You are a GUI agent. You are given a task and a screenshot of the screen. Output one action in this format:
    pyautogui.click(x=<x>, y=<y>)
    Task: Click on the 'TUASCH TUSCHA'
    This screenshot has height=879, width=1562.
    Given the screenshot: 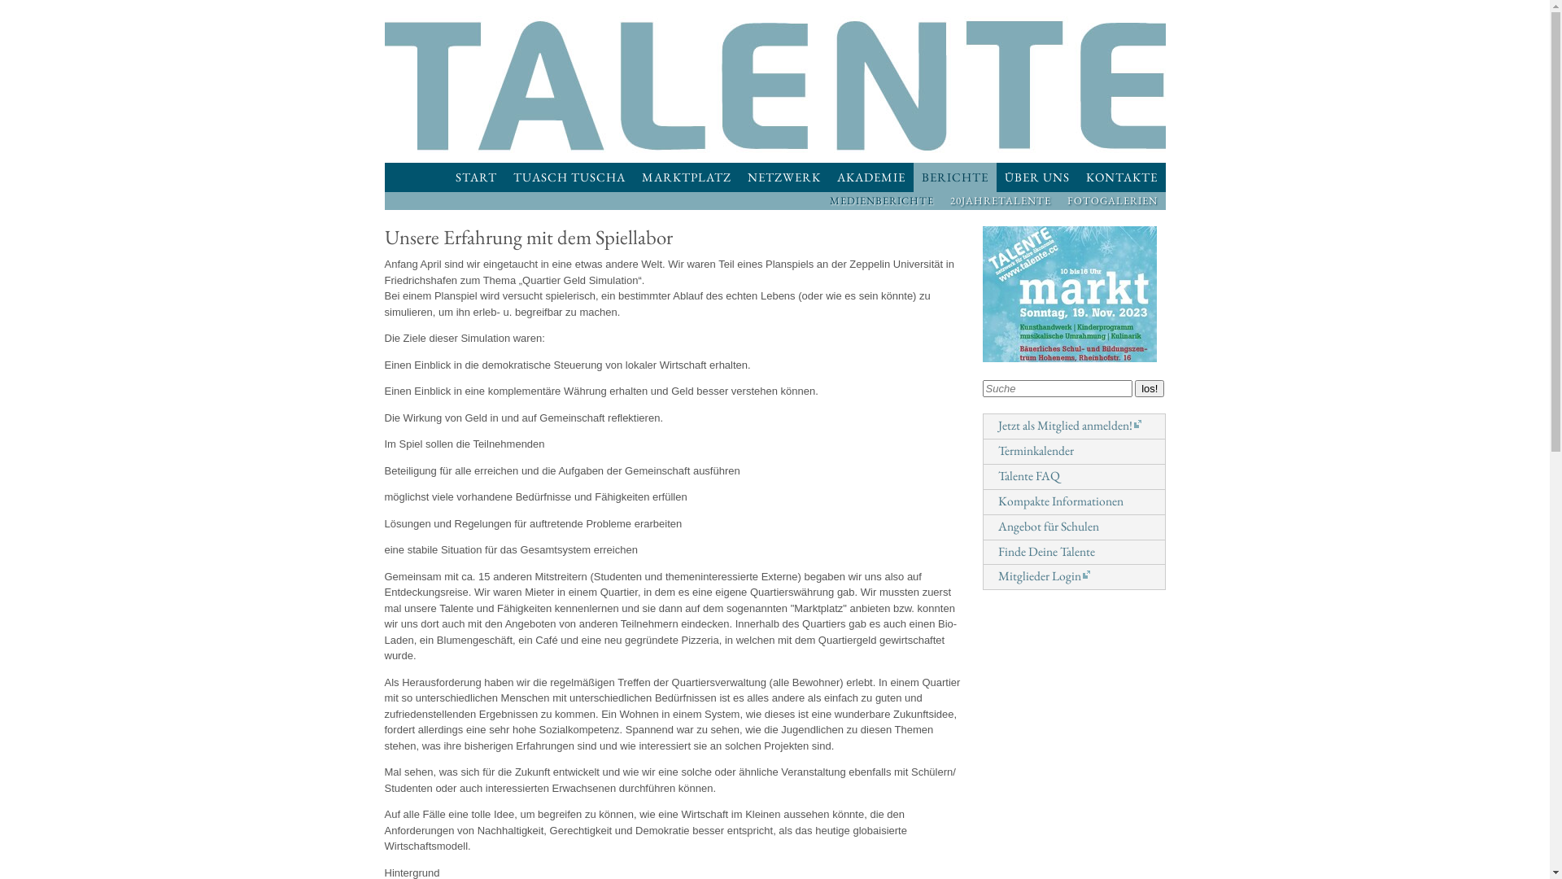 What is the action you would take?
    pyautogui.click(x=569, y=177)
    